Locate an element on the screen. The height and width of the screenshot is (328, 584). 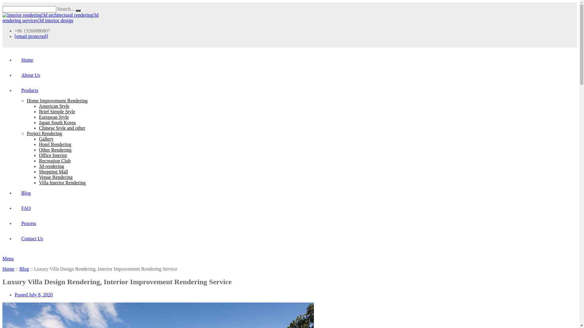
'Process' is located at coordinates (27, 223).